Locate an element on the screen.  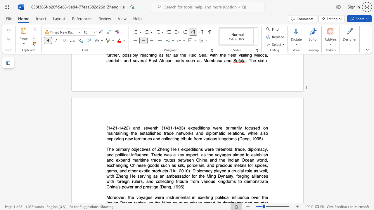
the subset text "at" within the text "demonstrate" is located at coordinates (262, 181).